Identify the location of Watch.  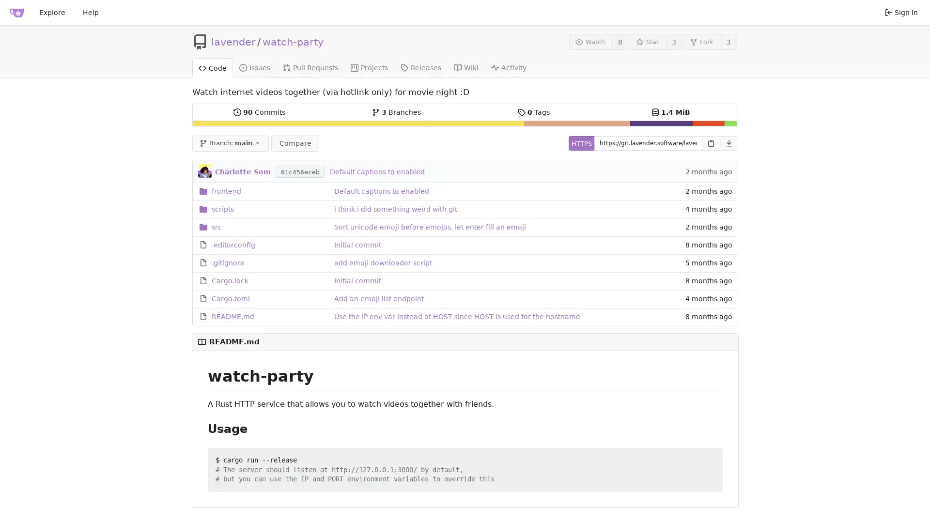
(590, 41).